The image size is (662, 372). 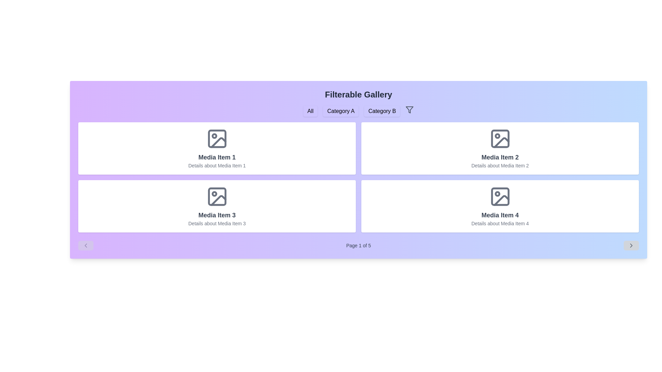 I want to click on the text label displaying 'Page 1 of 5', which is styled in a small gray font and located centered at the bottom of the gallery section, between the previous and next arrow icons, so click(x=359, y=245).